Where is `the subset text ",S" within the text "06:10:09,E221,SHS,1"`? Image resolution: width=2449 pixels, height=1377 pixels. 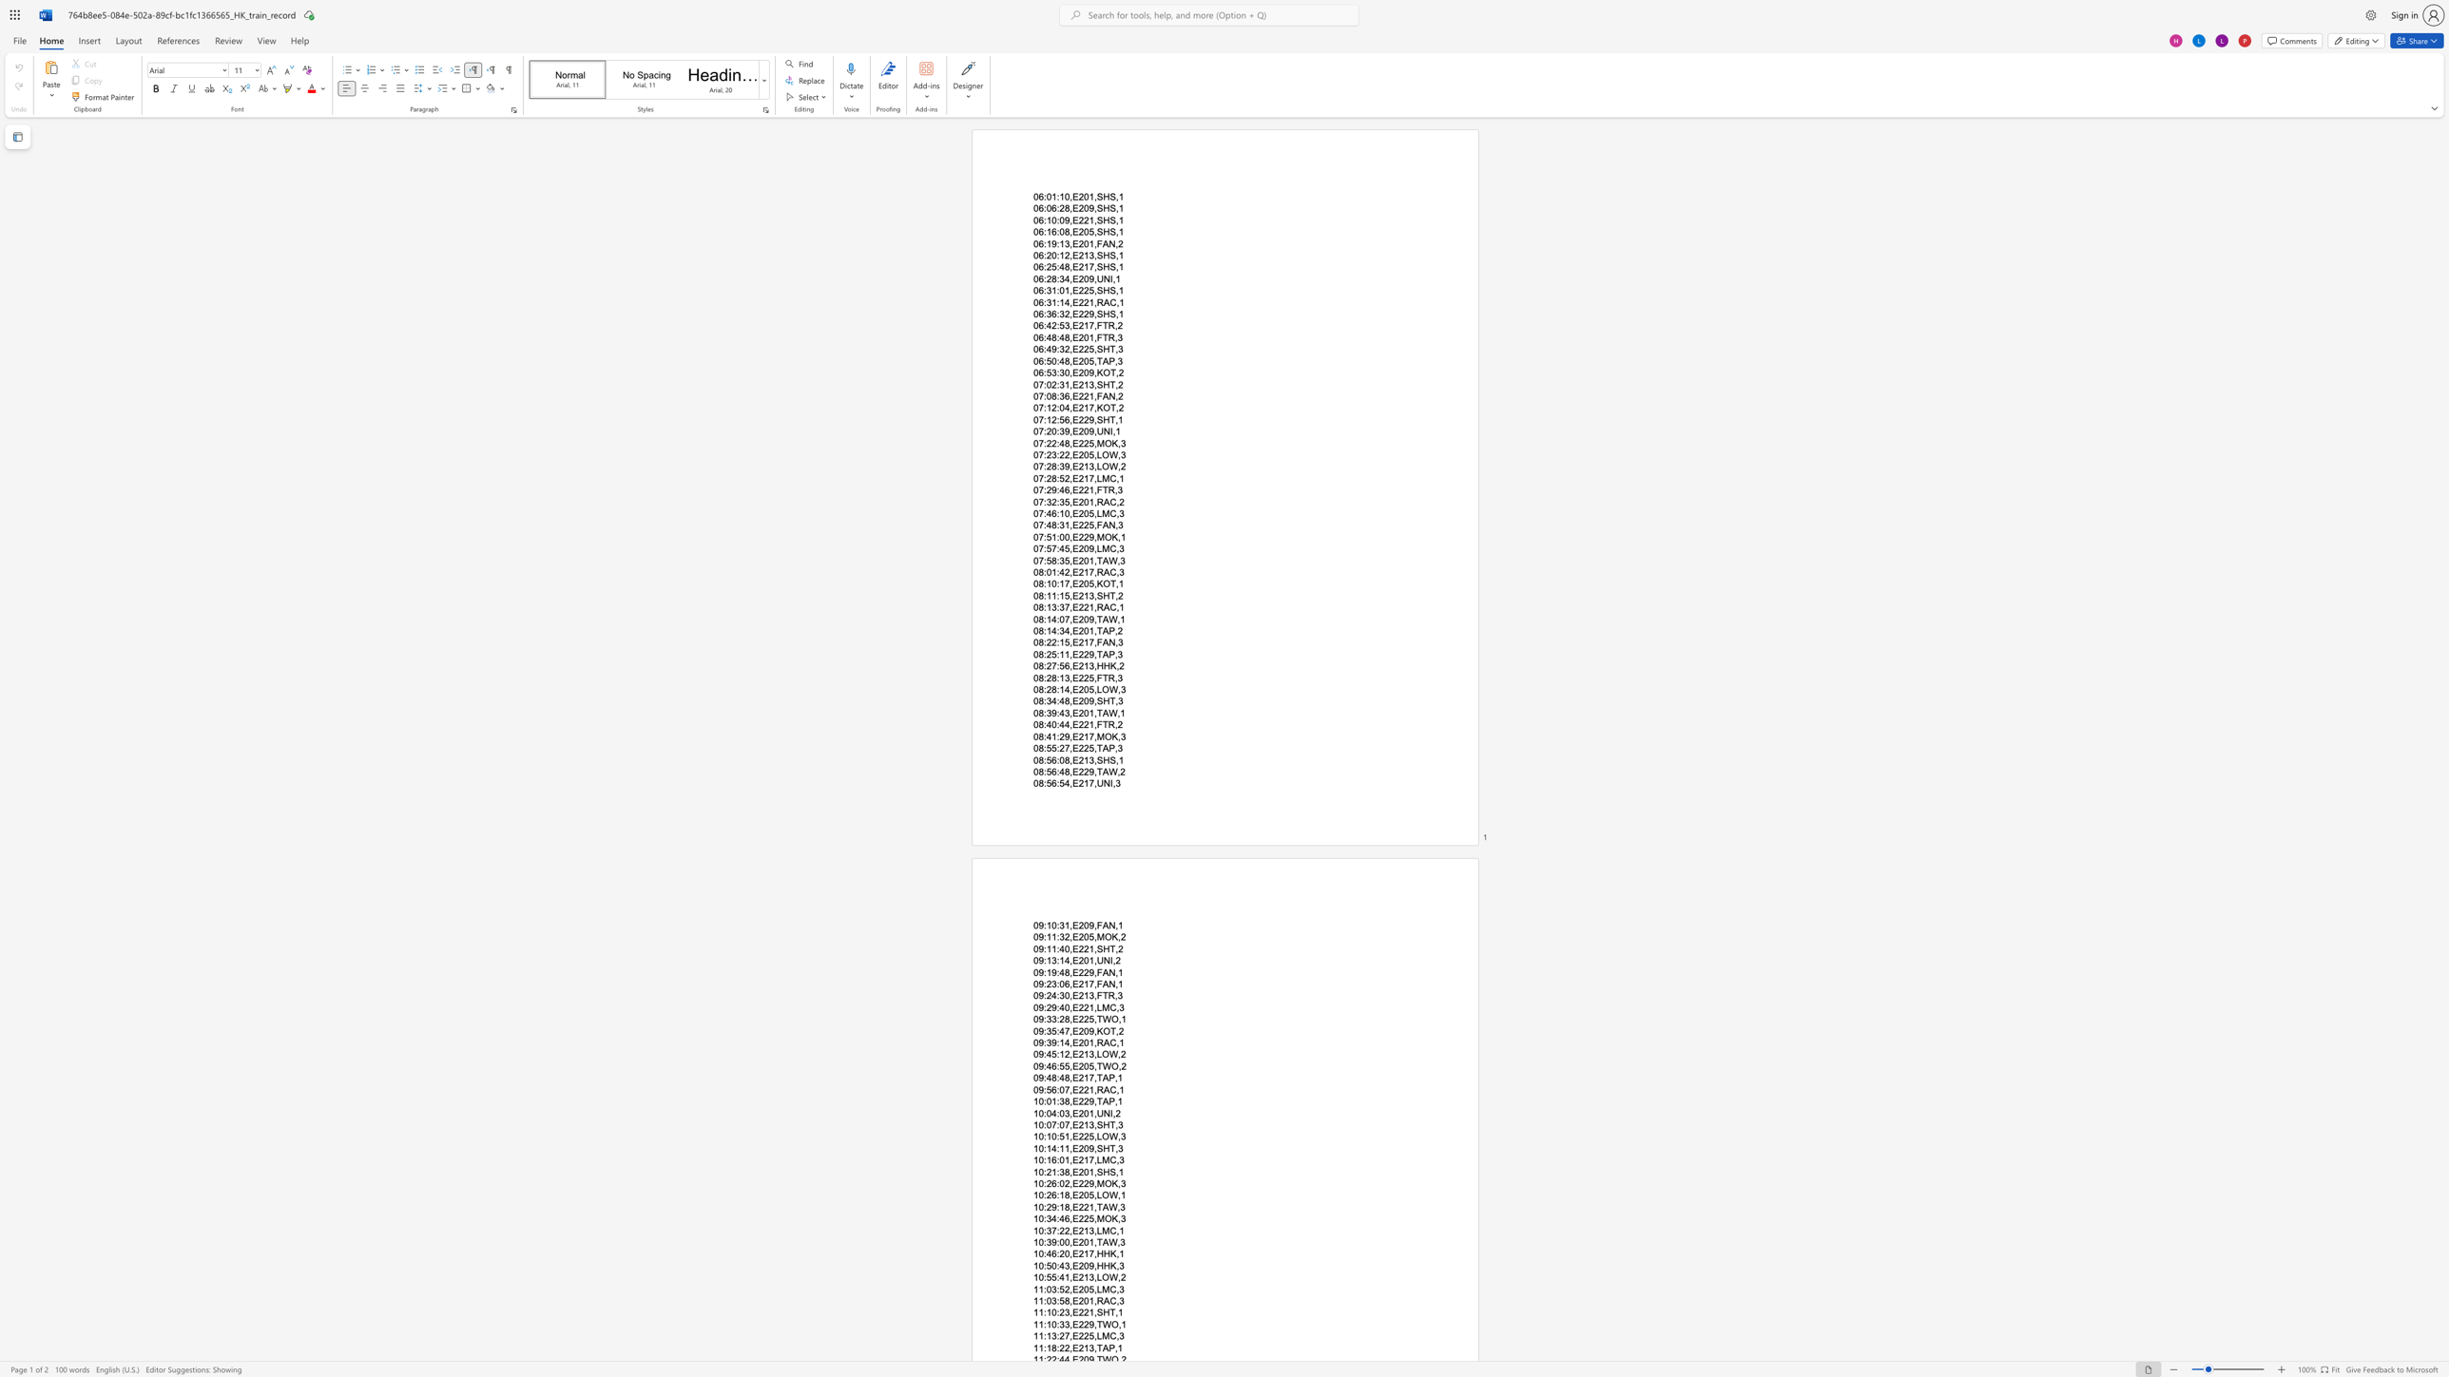
the subset text ",S" within the text "06:10:09,E221,SHS,1" is located at coordinates (1092, 219).